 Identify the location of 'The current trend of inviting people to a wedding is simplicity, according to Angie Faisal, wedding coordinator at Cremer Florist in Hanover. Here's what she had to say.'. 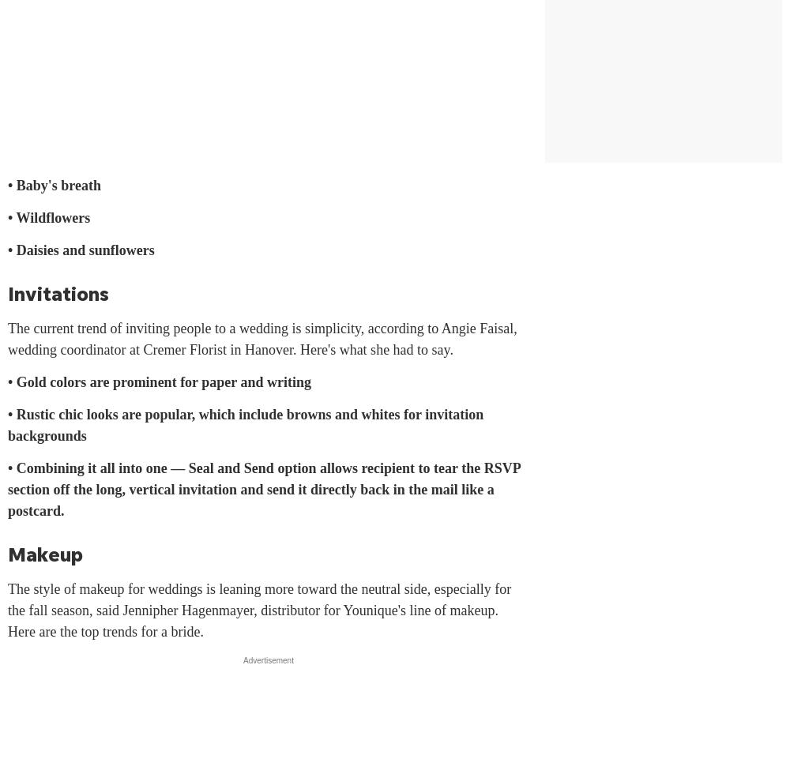
(261, 339).